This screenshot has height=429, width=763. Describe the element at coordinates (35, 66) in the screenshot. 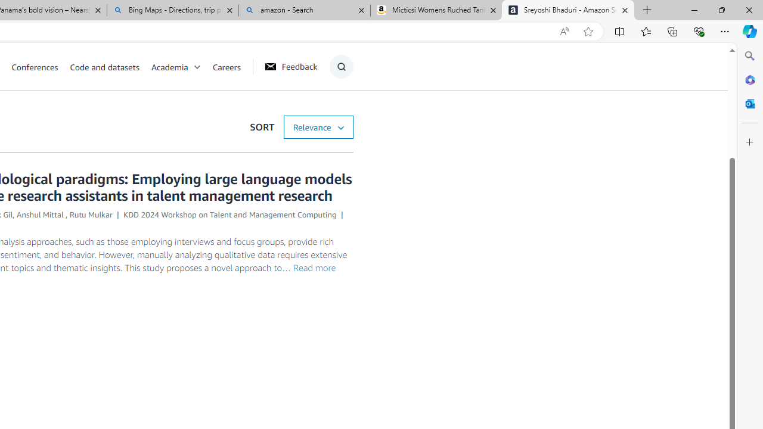

I see `'Conferences'` at that location.